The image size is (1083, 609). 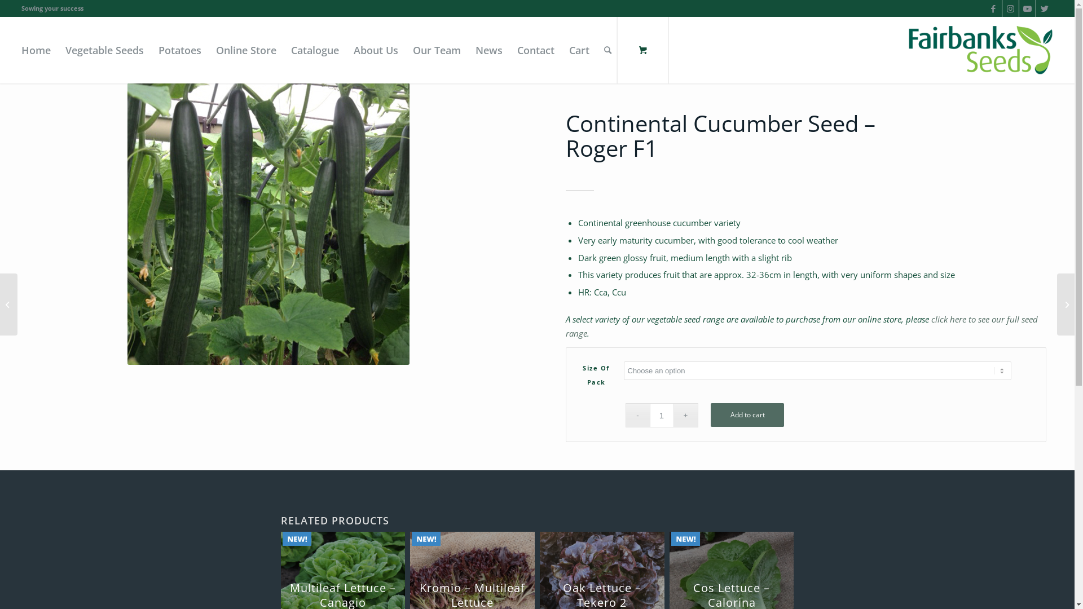 I want to click on 'Facebook', so click(x=993, y=8).